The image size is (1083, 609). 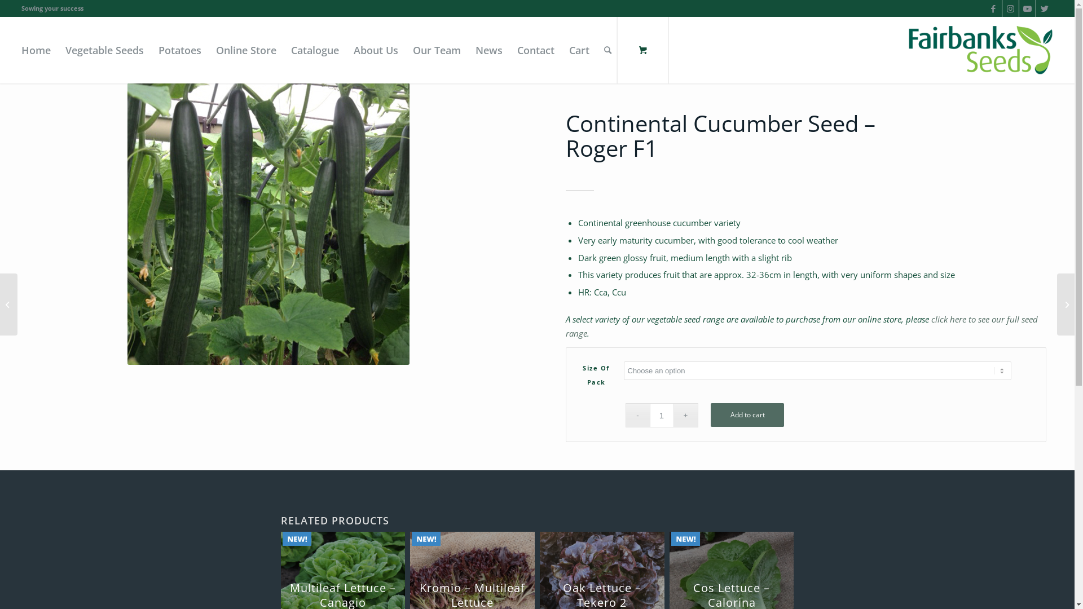 I want to click on 'Facebook', so click(x=993, y=8).